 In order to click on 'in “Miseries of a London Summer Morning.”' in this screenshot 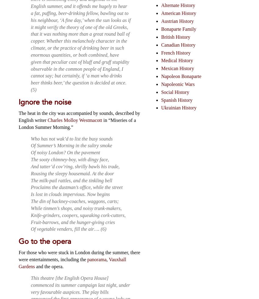, I will do `click(77, 123)`.